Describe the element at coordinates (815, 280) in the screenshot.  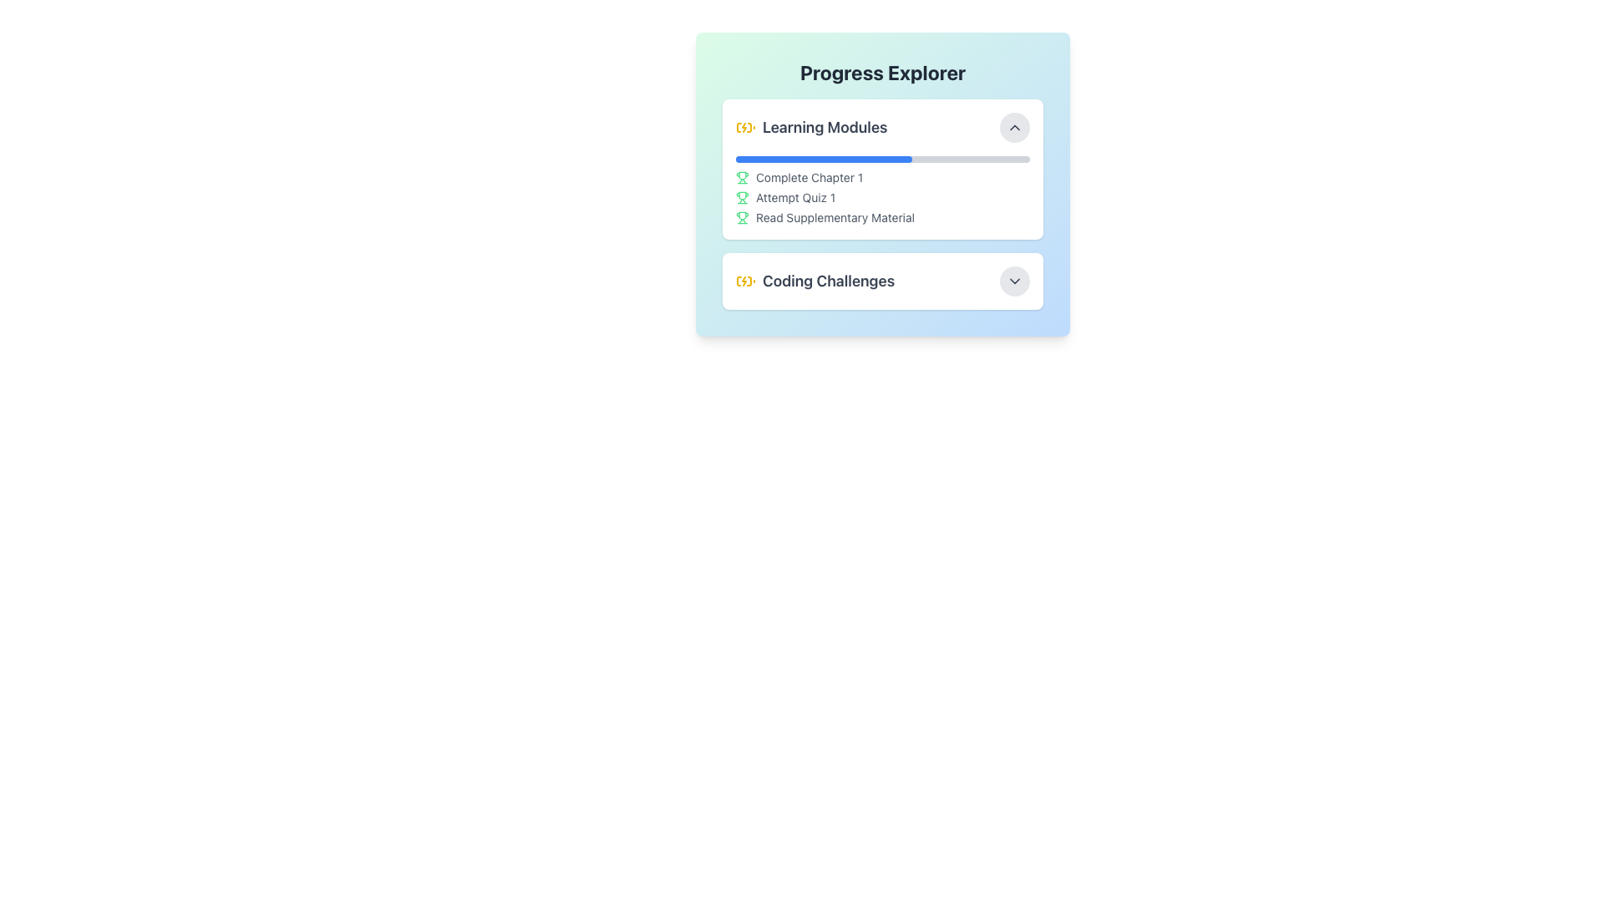
I see `the Text Label with Icon located in the lower section of the 'Progress Explorer' card, below the 'Learning Modules' section` at that location.